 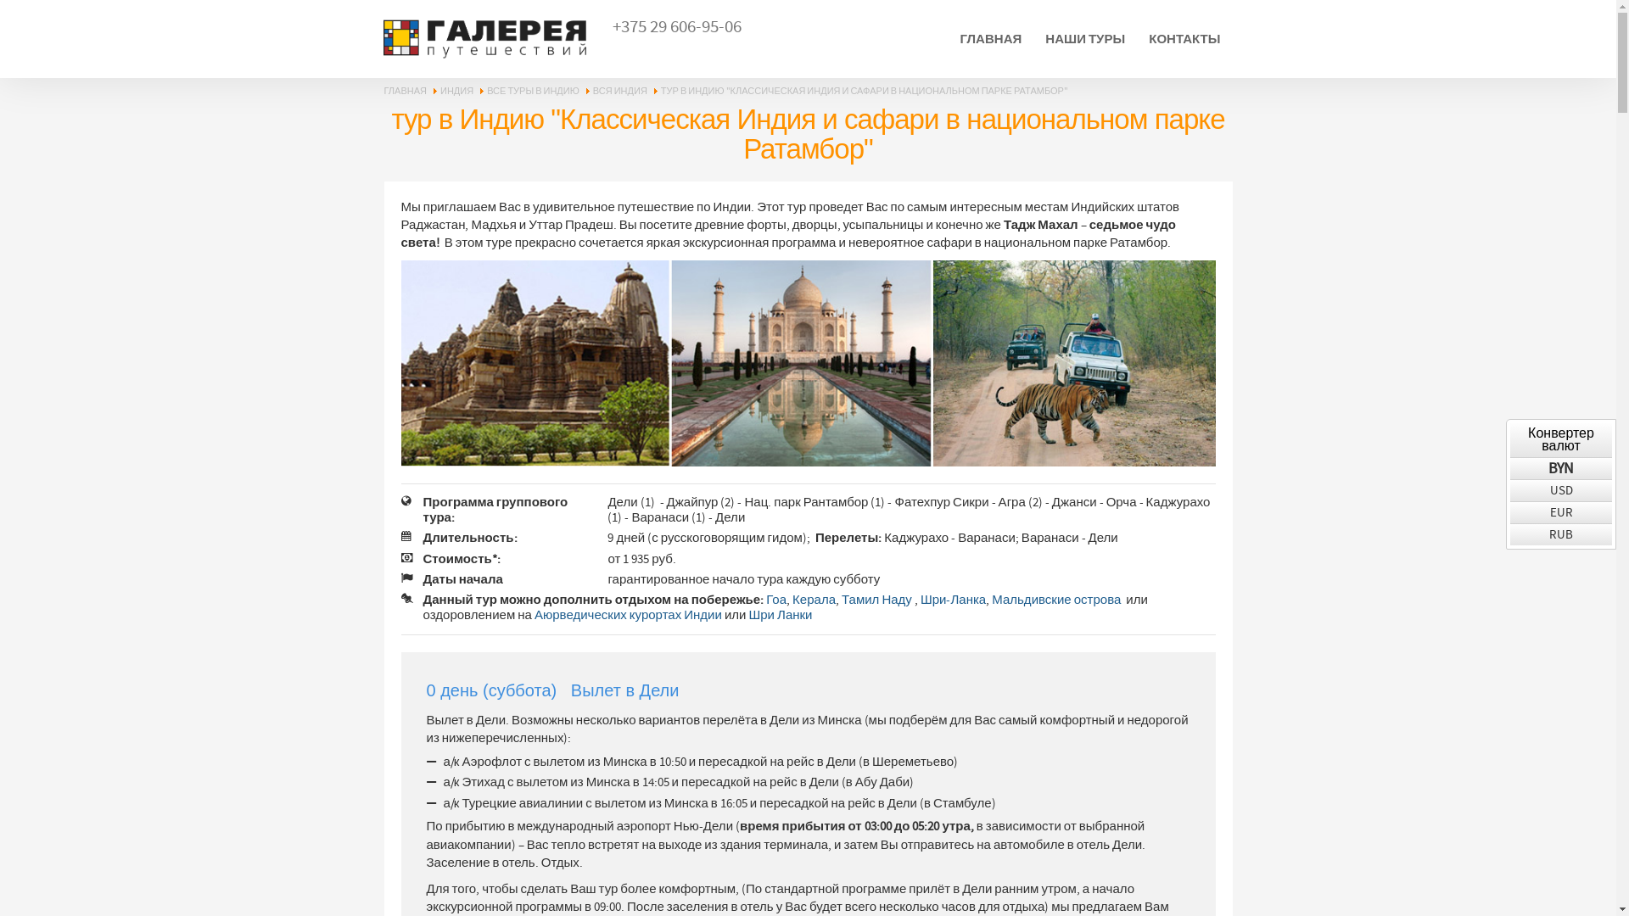 What do you see at coordinates (1560, 511) in the screenshot?
I see `'EUR'` at bounding box center [1560, 511].